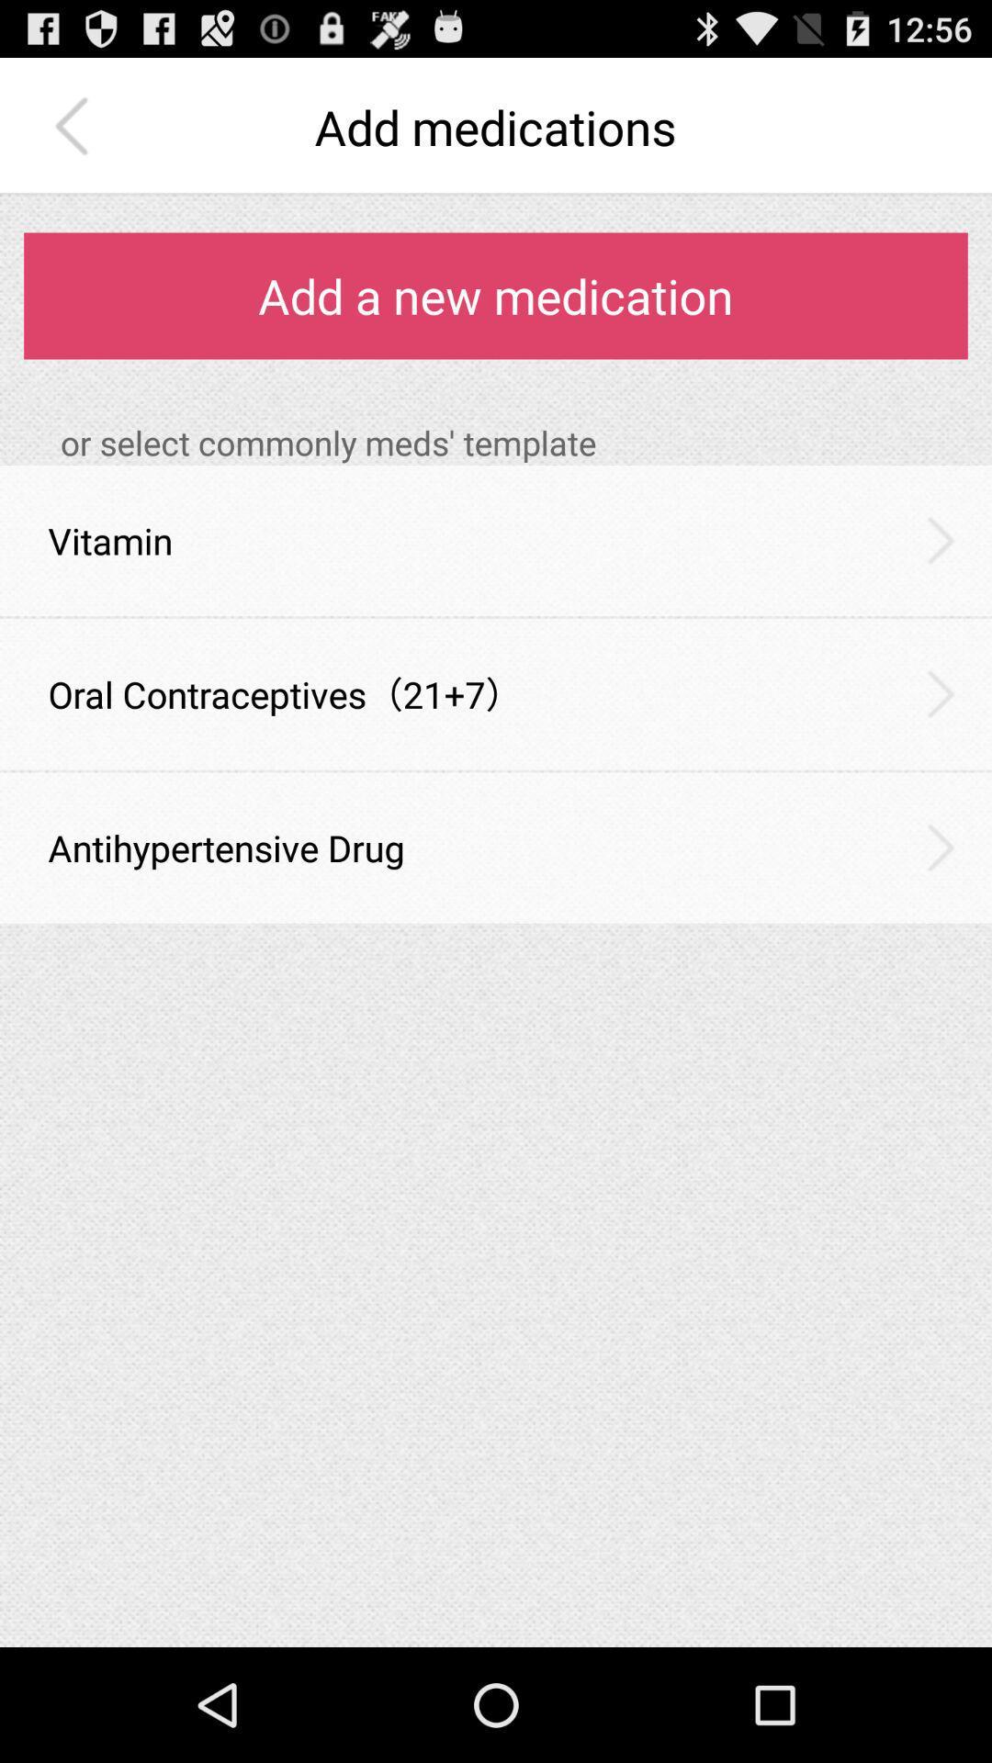 Image resolution: width=992 pixels, height=1763 pixels. I want to click on the item to the right of vitamin icon, so click(941, 539).